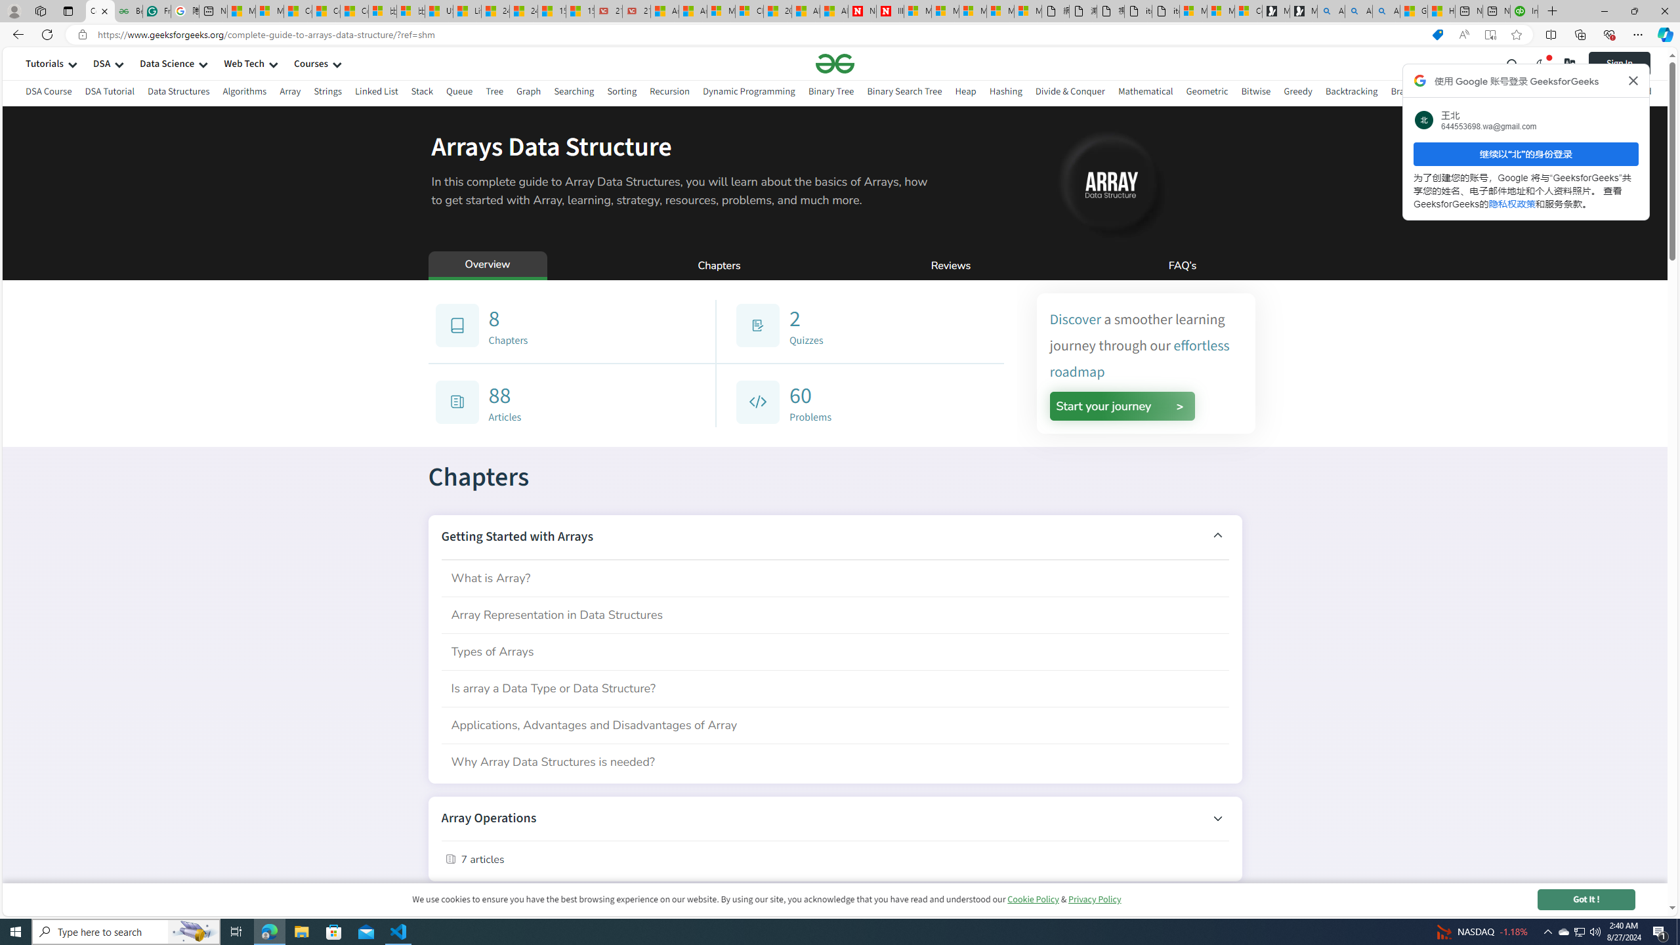 This screenshot has height=945, width=1680. What do you see at coordinates (1351, 93) in the screenshot?
I see `'Backtracking'` at bounding box center [1351, 93].